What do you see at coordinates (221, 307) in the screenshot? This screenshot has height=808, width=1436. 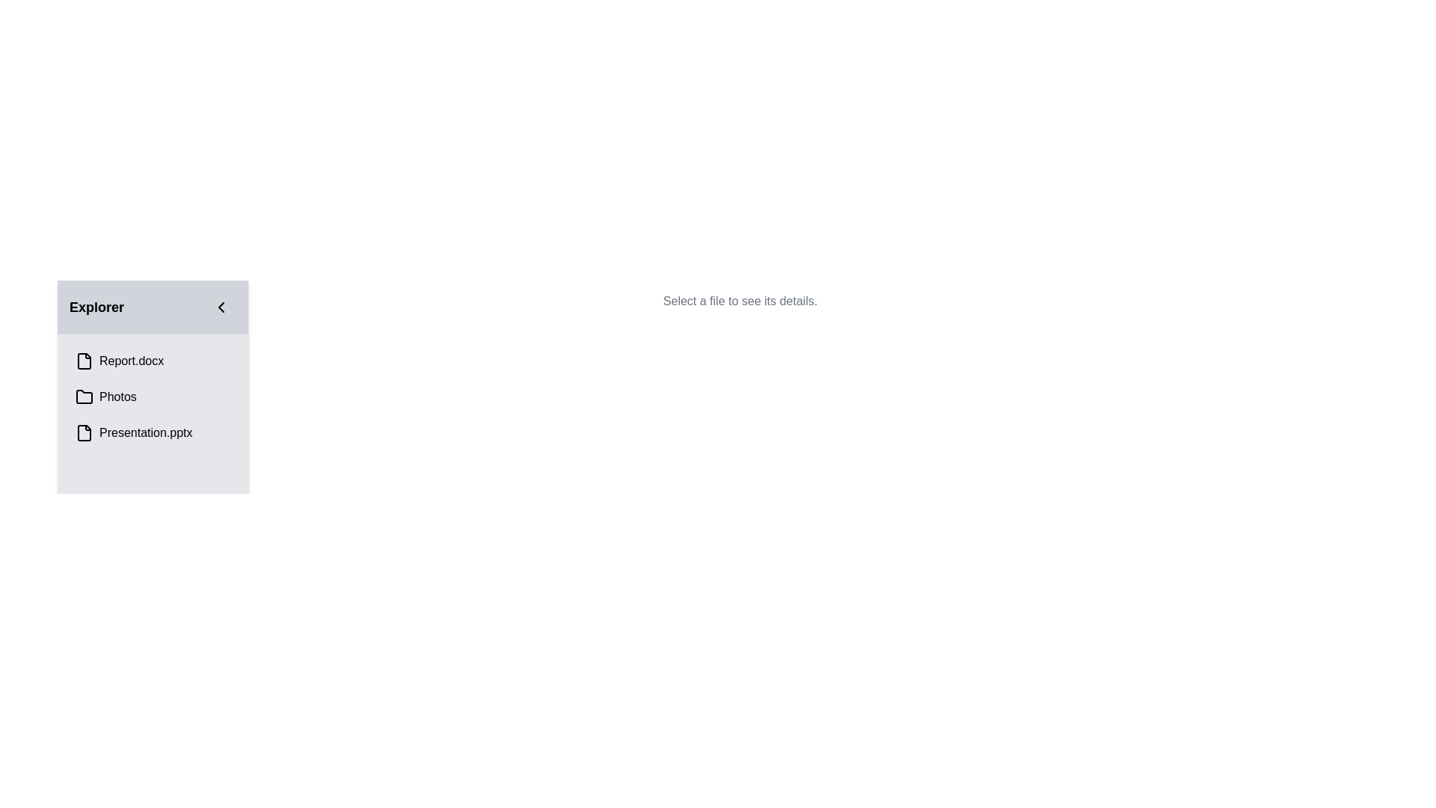 I see `the navigation button with a chevron icon located in the top-right corner of the 'Explorer' section` at bounding box center [221, 307].